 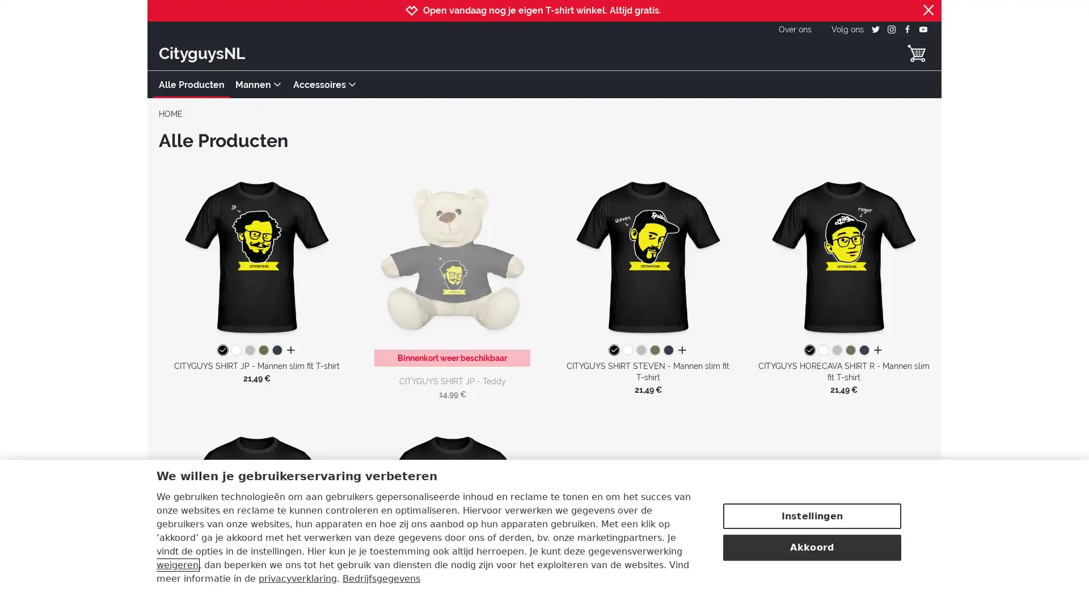 I want to click on kakigroen, so click(x=654, y=350).